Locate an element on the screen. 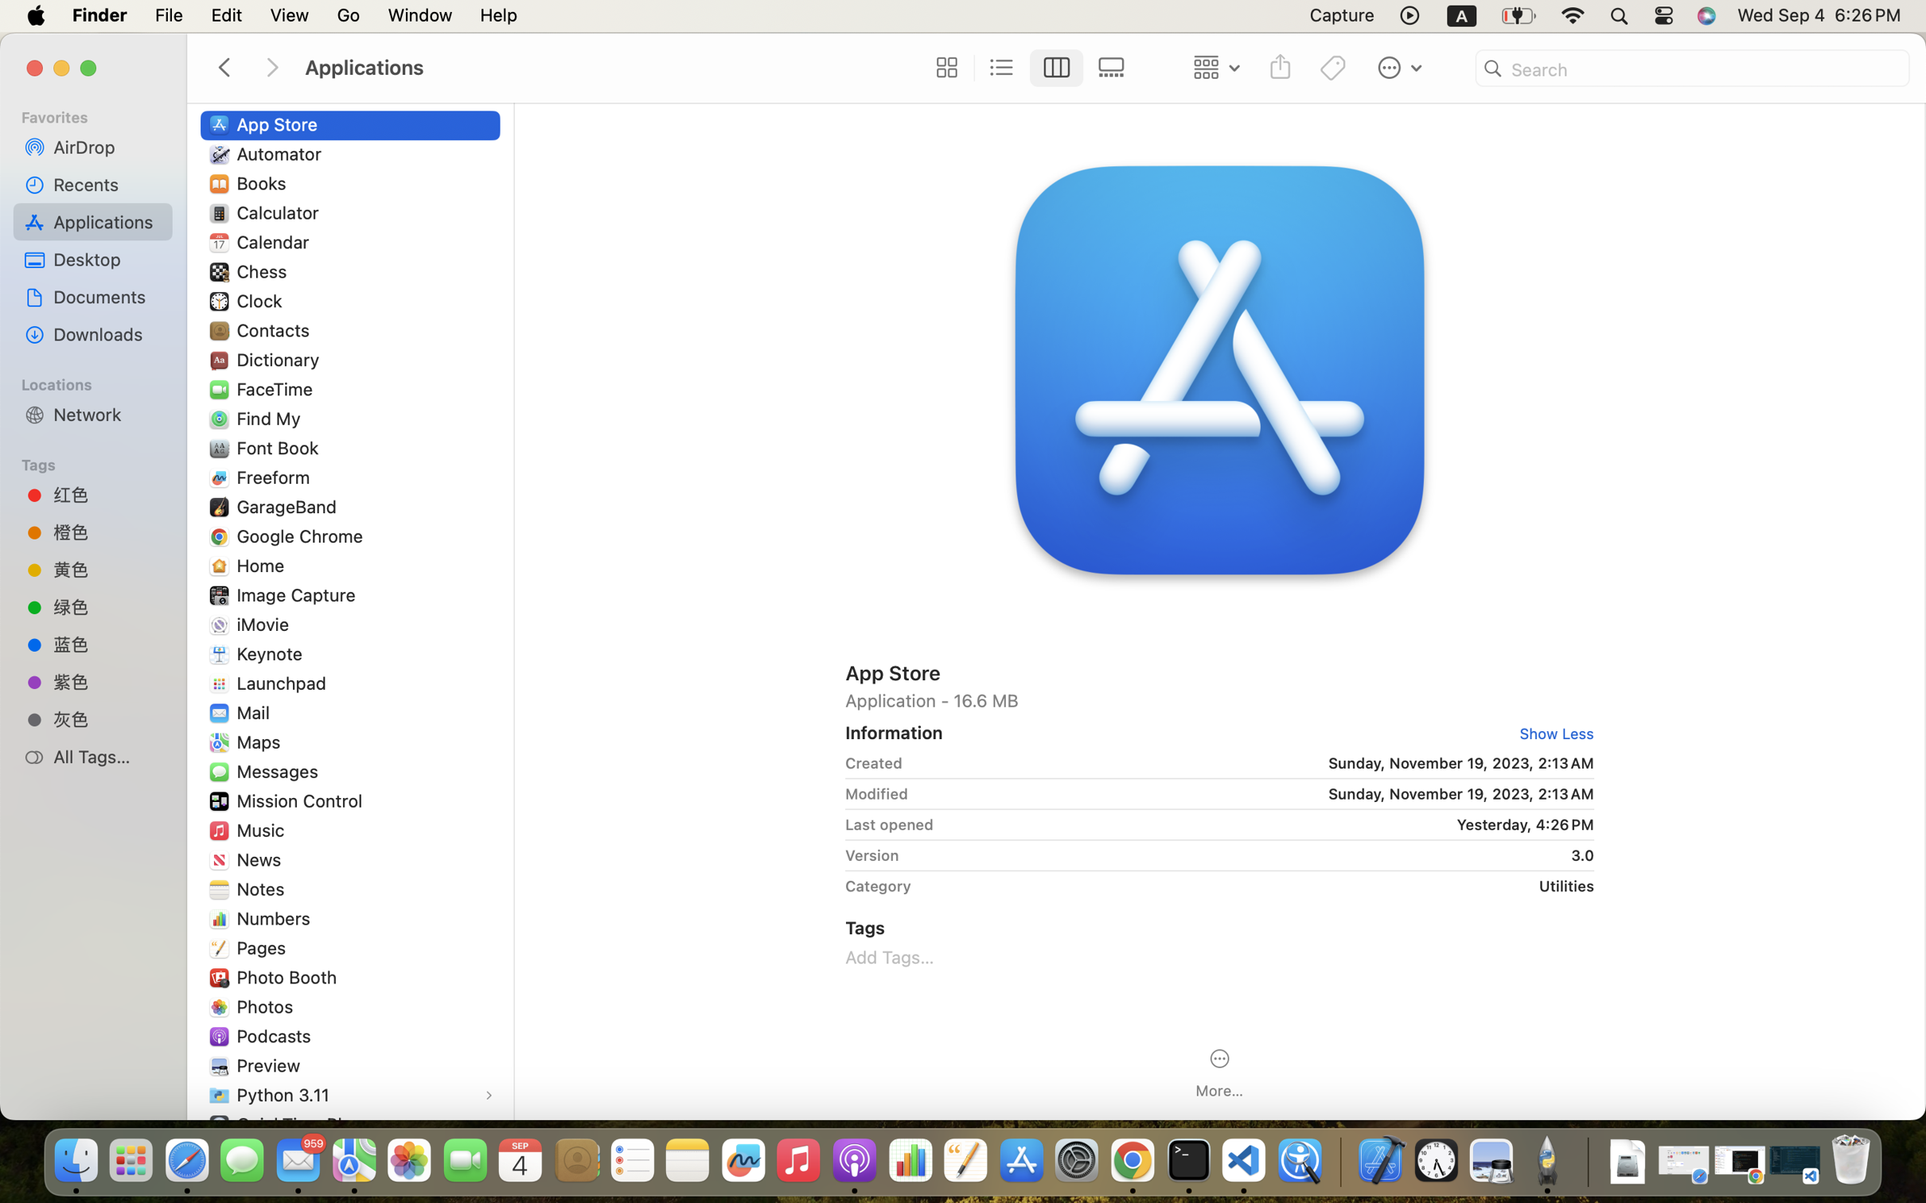 Image resolution: width=1926 pixels, height=1203 pixels. 'Locations' is located at coordinates (99, 382).